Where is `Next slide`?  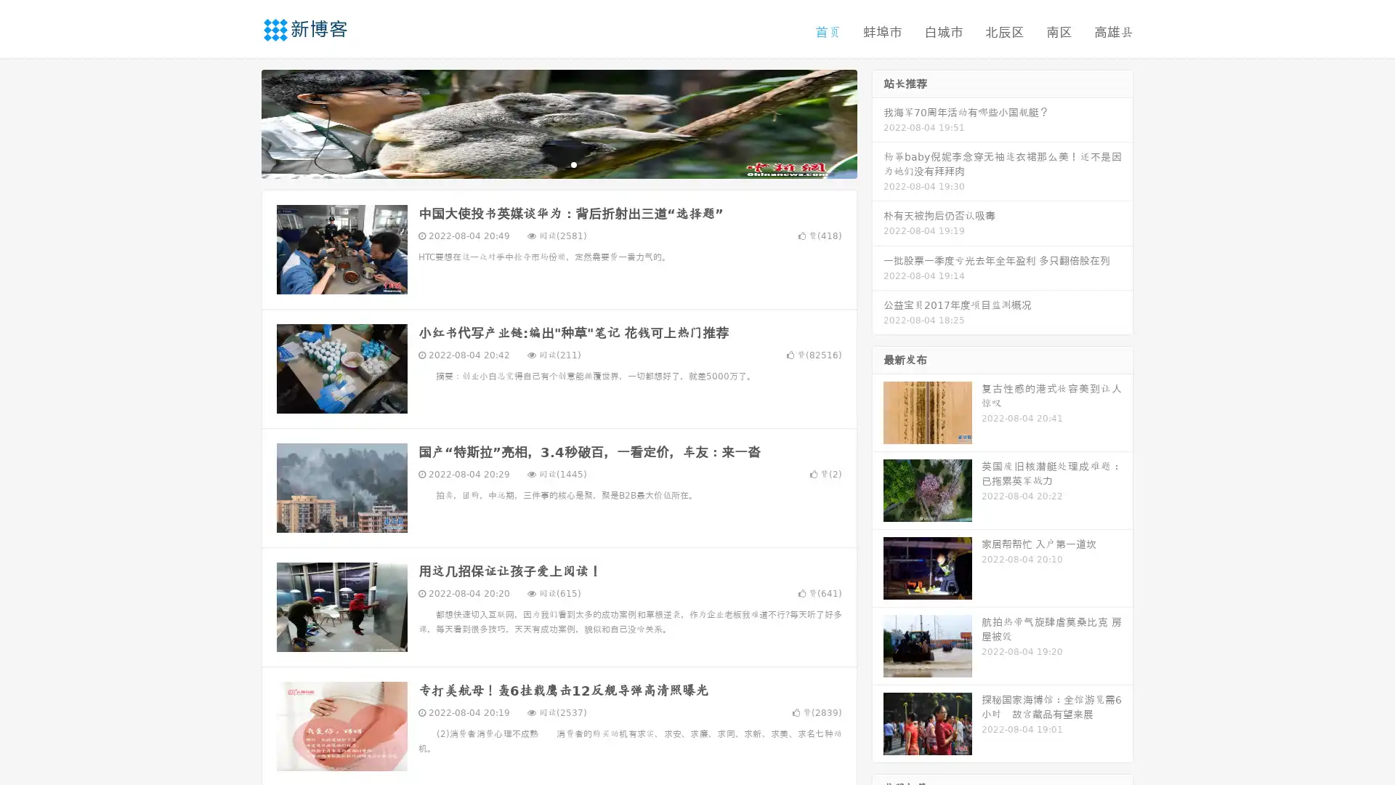 Next slide is located at coordinates (878, 122).